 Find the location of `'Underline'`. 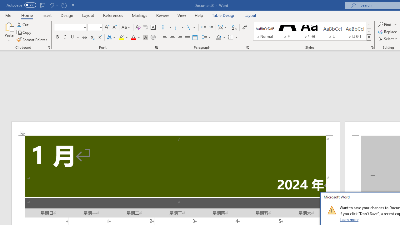

'Underline' is located at coordinates (72, 37).